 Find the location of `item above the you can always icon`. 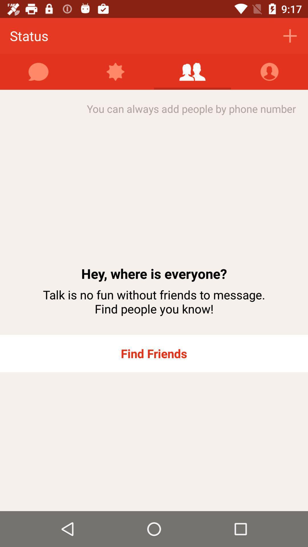

item above the you can always icon is located at coordinates (116, 72).